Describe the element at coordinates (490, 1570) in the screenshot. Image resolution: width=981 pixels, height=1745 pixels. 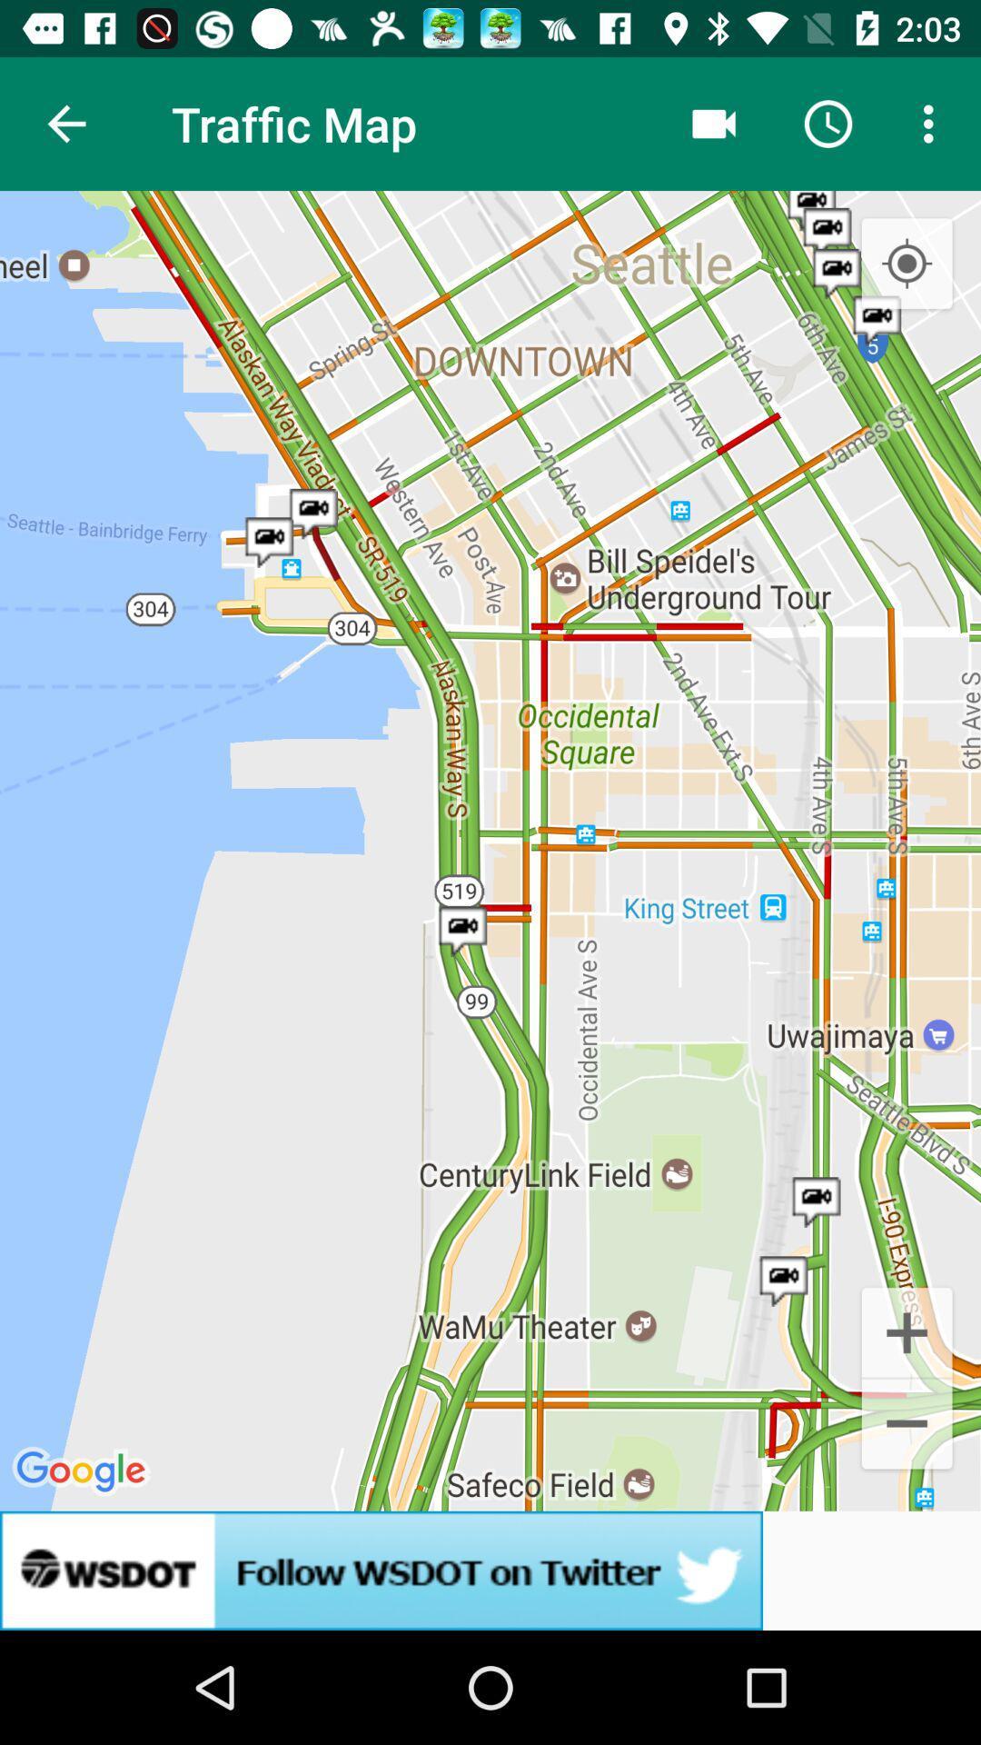
I see `web add` at that location.